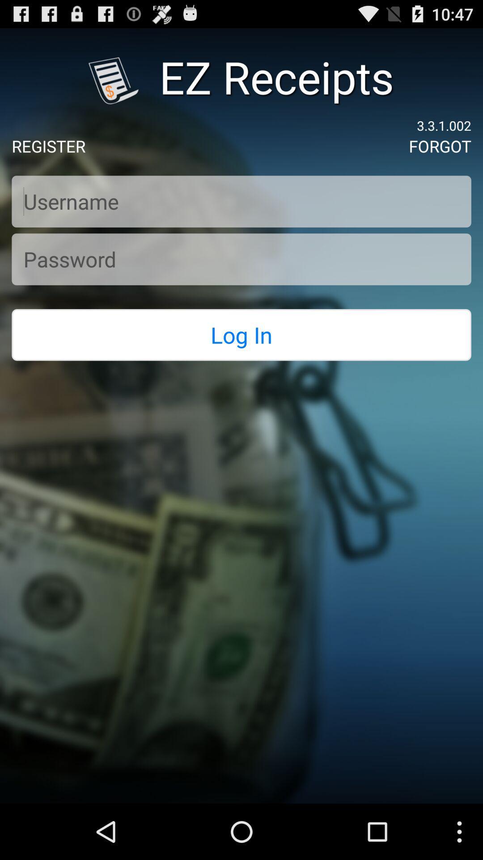 The image size is (483, 860). I want to click on username to log in, so click(241, 201).